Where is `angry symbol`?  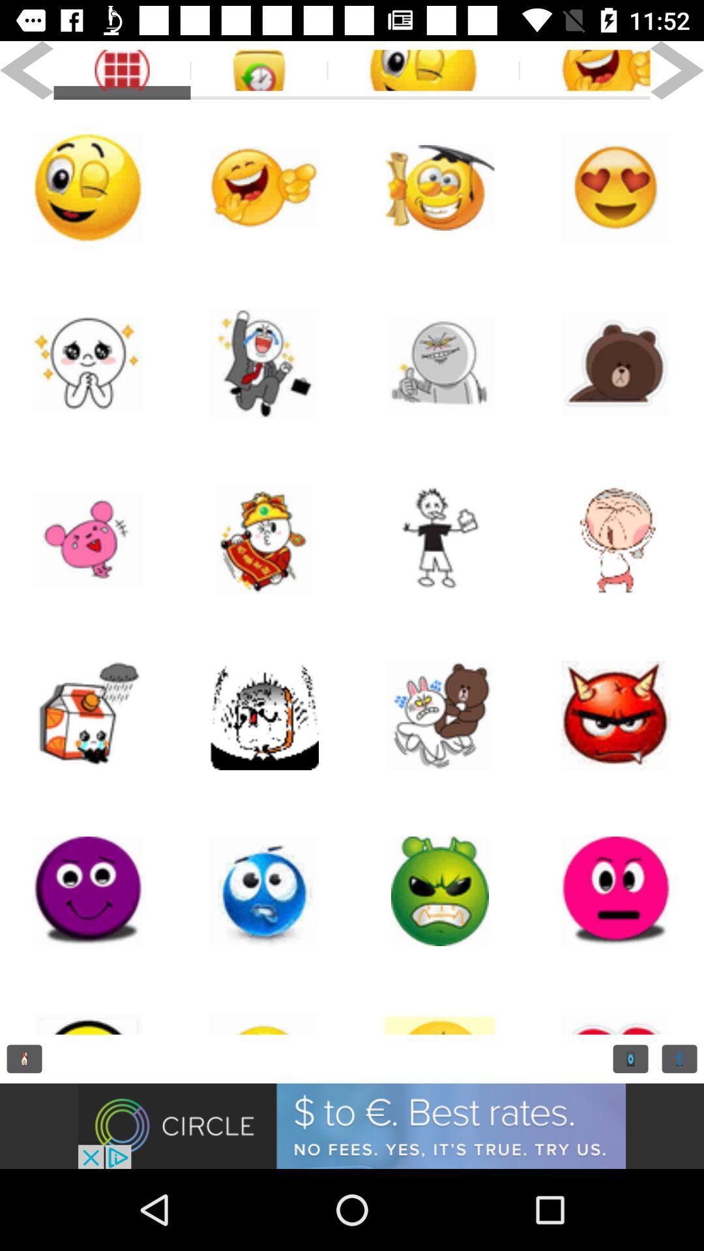 angry symbol is located at coordinates (616, 891).